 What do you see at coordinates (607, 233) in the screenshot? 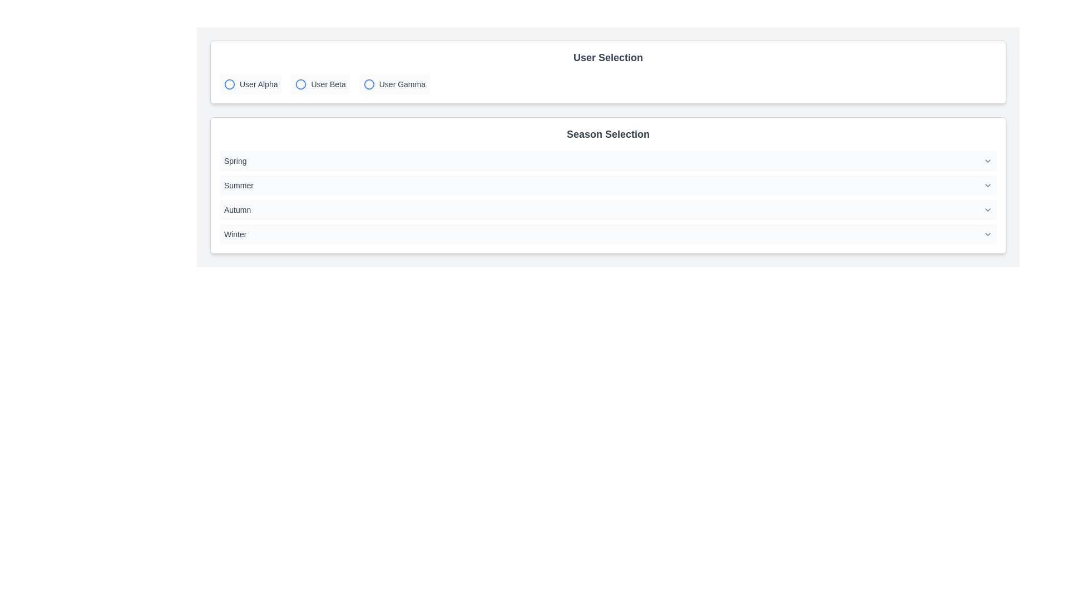
I see `the 'Winter' season option in the 'Season Selection' section` at bounding box center [607, 233].